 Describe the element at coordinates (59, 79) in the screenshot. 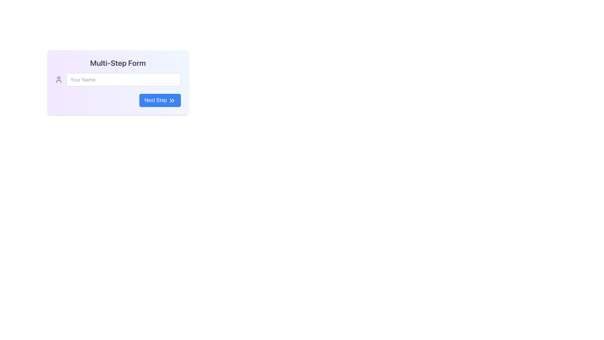

I see `the user icon located to the left of the 'Your Name' text input field` at that location.